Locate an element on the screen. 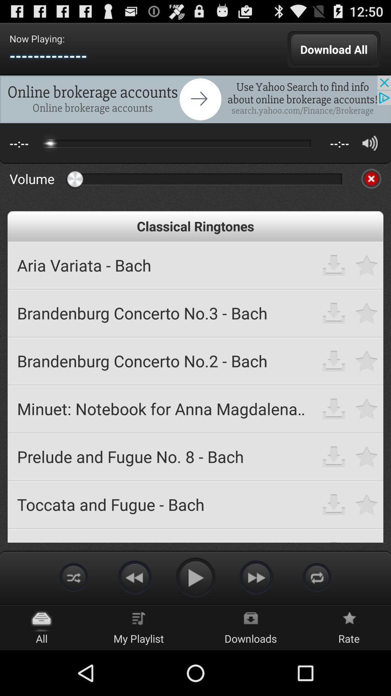  download ringtone is located at coordinates (334, 313).